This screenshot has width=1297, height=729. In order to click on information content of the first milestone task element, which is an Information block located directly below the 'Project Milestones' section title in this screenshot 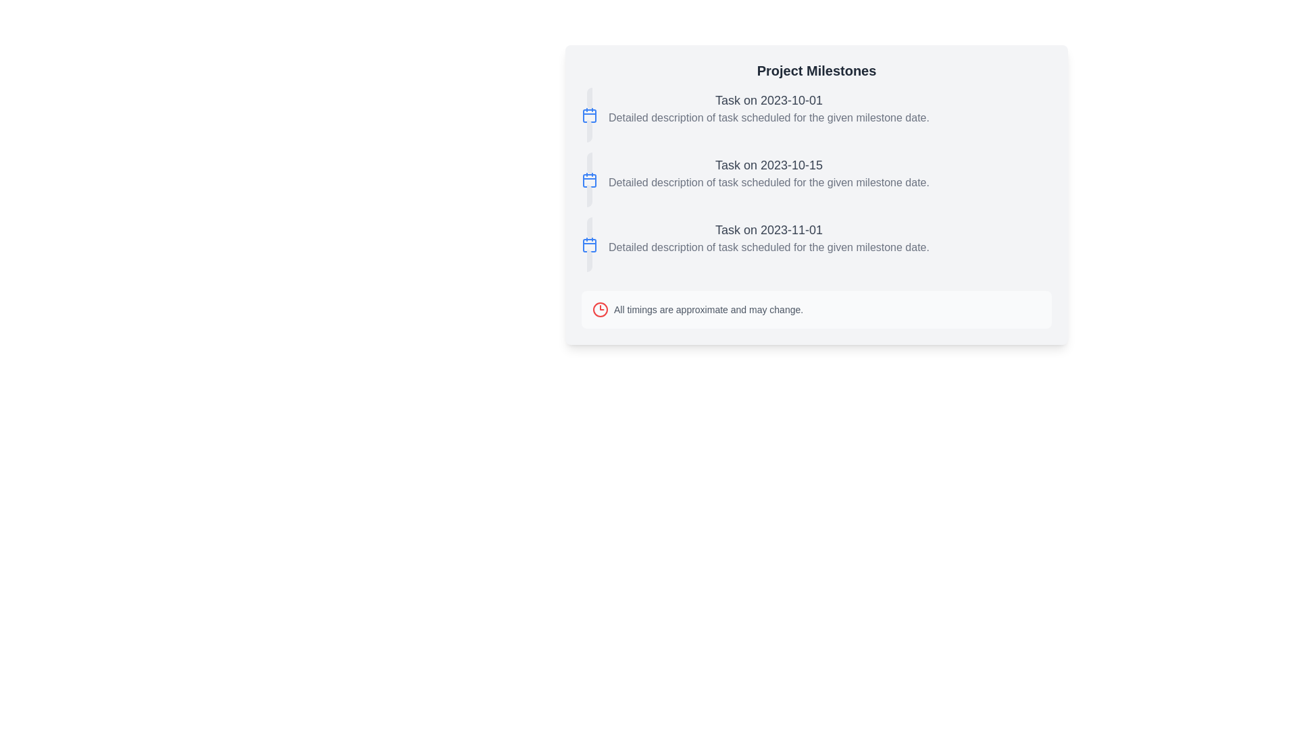, I will do `click(816, 114)`.